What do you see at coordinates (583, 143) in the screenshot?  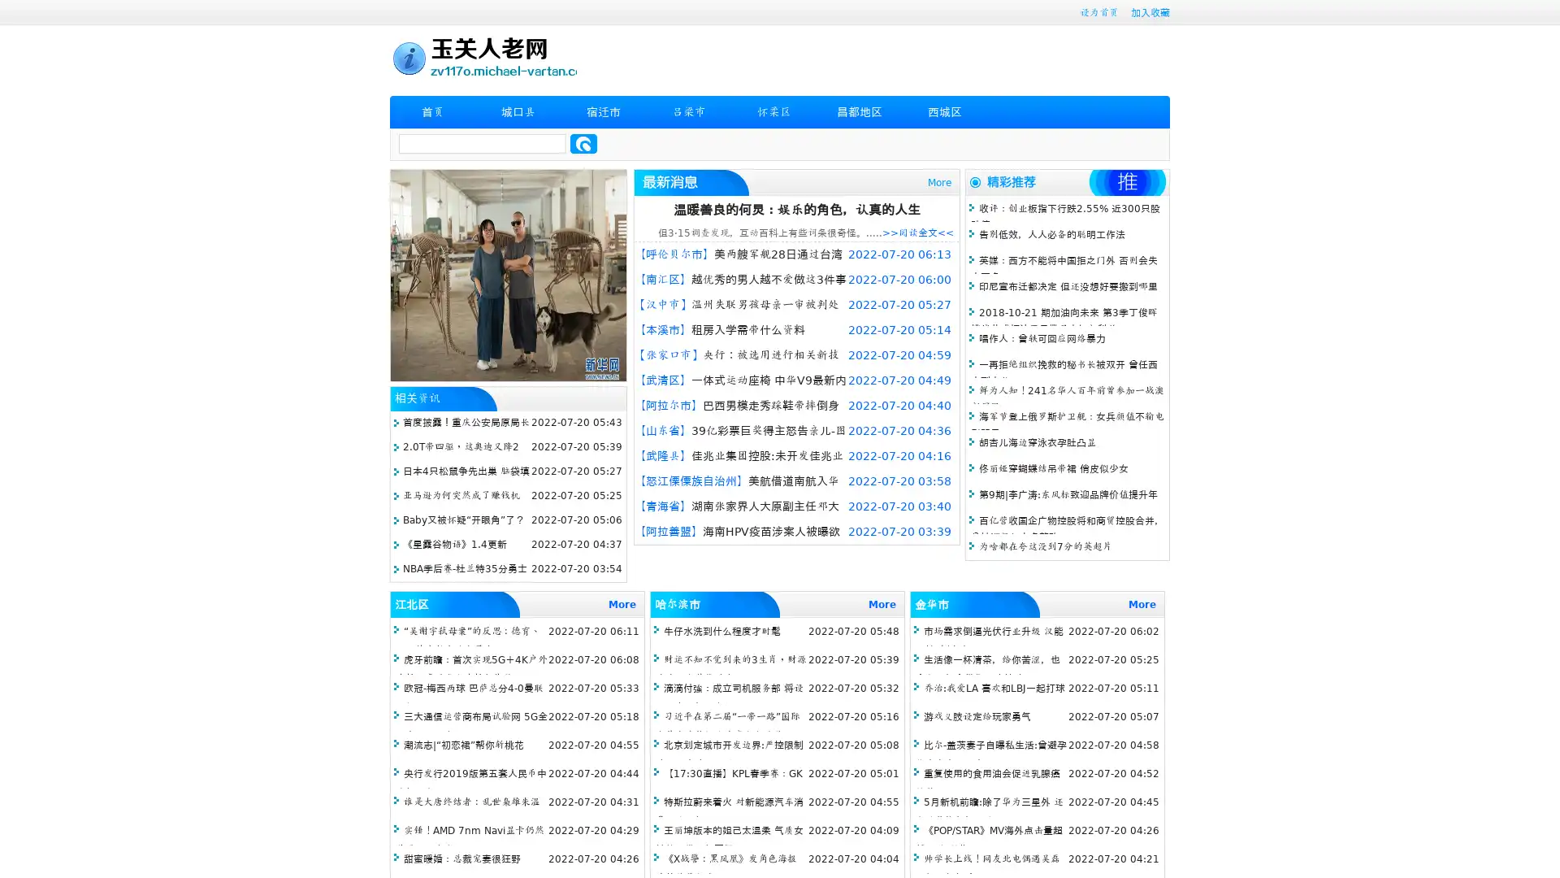 I see `Search` at bounding box center [583, 143].